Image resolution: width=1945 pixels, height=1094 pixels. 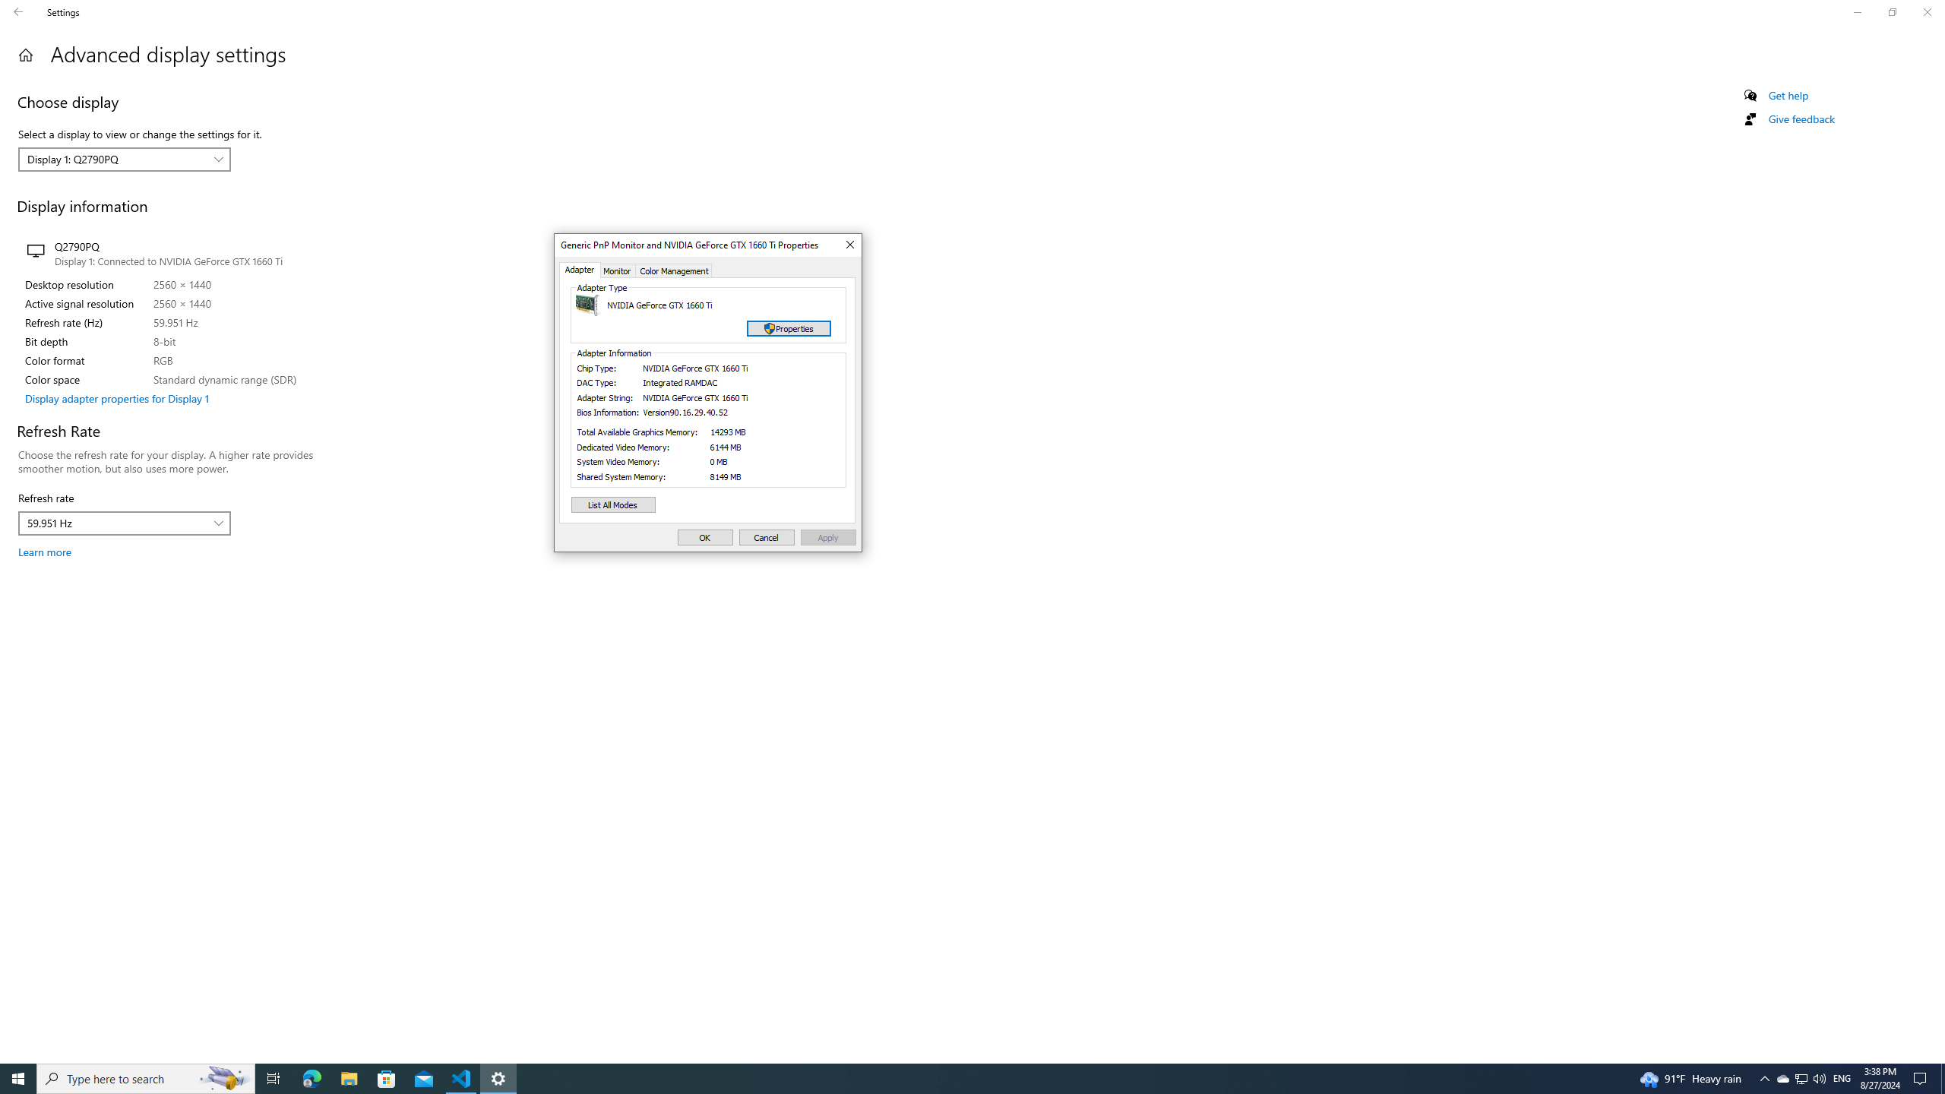 What do you see at coordinates (1765, 1077) in the screenshot?
I see `'Notification Chevron'` at bounding box center [1765, 1077].